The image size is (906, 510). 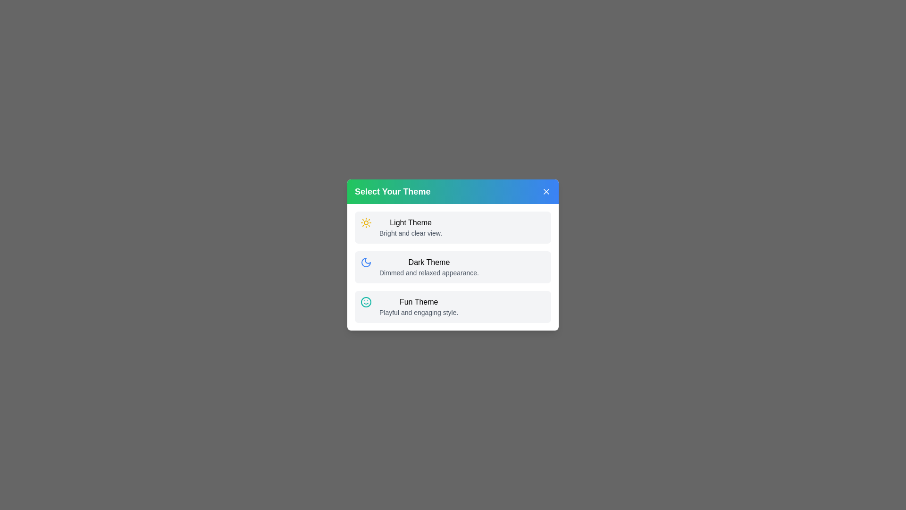 I want to click on the theme Dark Theme by clicking on its respective area, so click(x=453, y=267).